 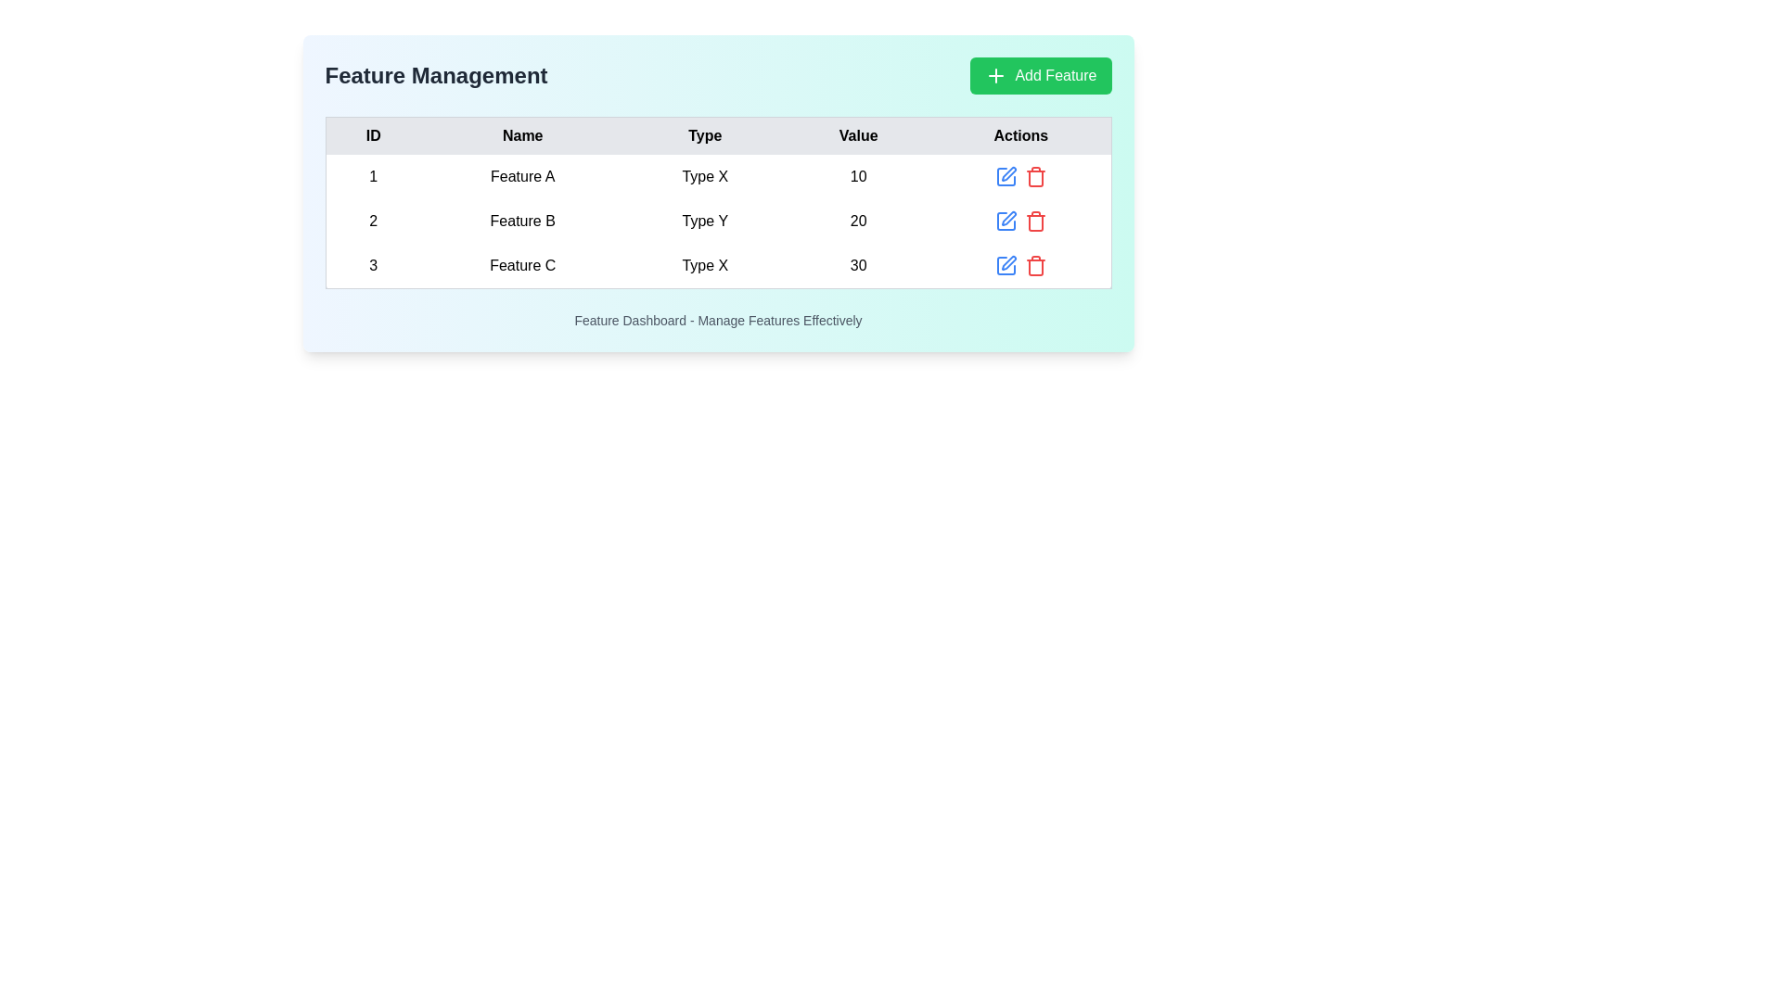 I want to click on the last column header of the table that indicates actions related to each row, located to the right of the 'Value' header, so click(x=1020, y=134).